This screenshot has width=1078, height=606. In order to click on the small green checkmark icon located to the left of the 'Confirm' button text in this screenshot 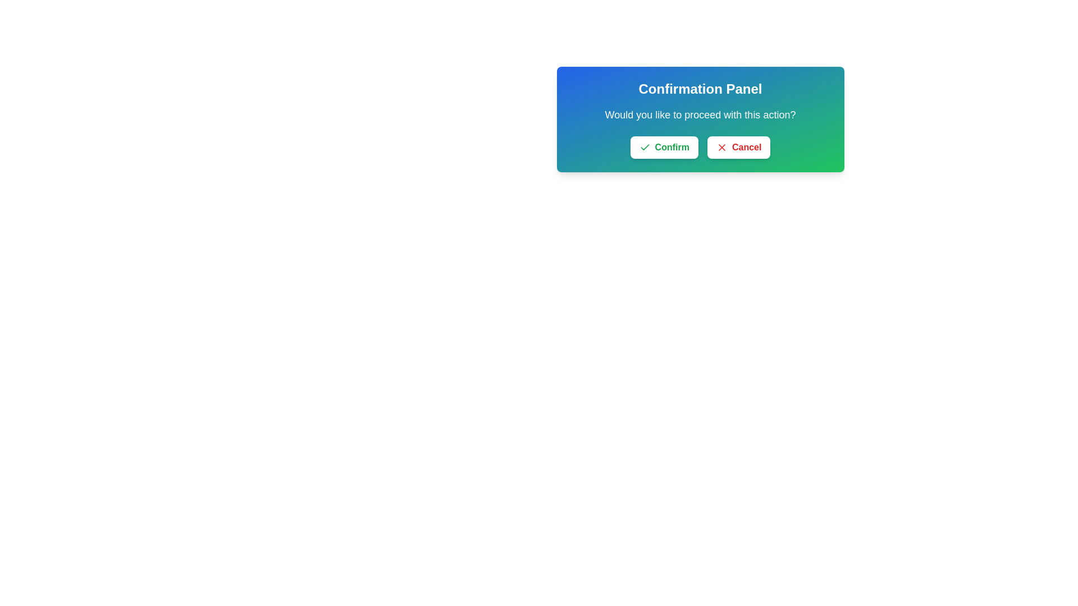, I will do `click(645, 146)`.